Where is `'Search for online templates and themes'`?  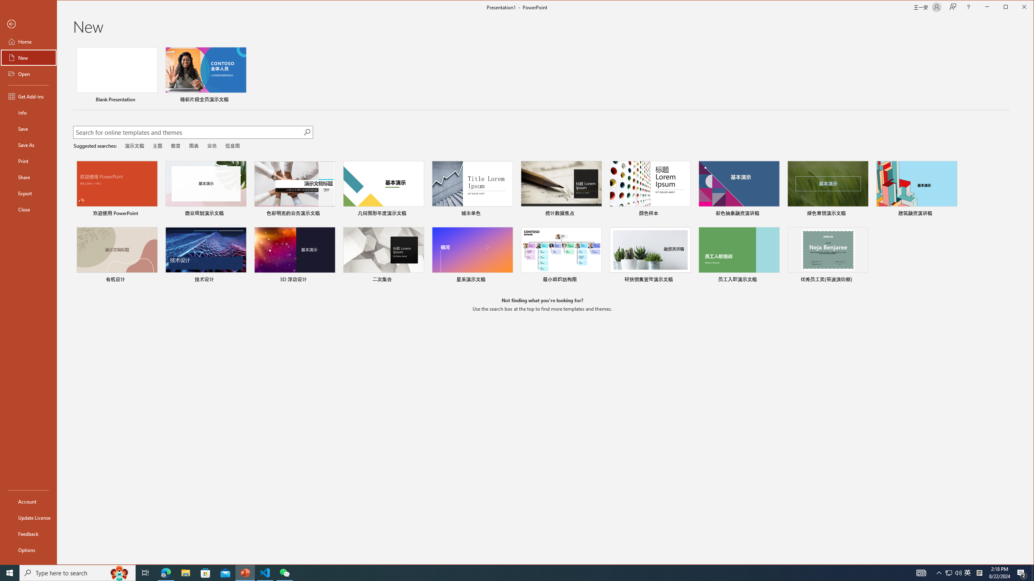
'Search for online templates and themes' is located at coordinates (187, 133).